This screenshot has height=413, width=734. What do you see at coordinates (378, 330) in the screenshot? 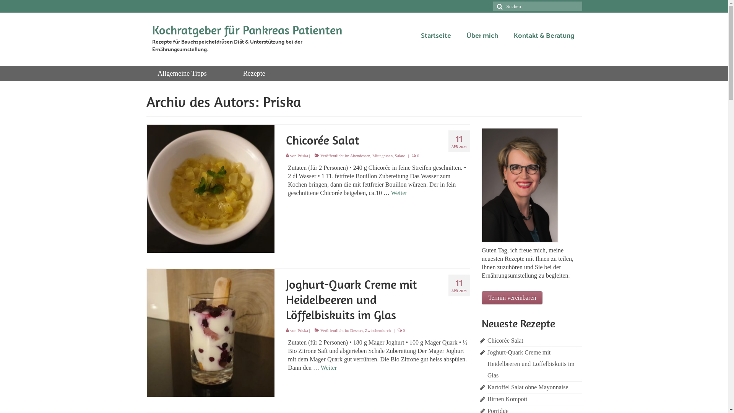
I see `'Zwischendurch'` at bounding box center [378, 330].